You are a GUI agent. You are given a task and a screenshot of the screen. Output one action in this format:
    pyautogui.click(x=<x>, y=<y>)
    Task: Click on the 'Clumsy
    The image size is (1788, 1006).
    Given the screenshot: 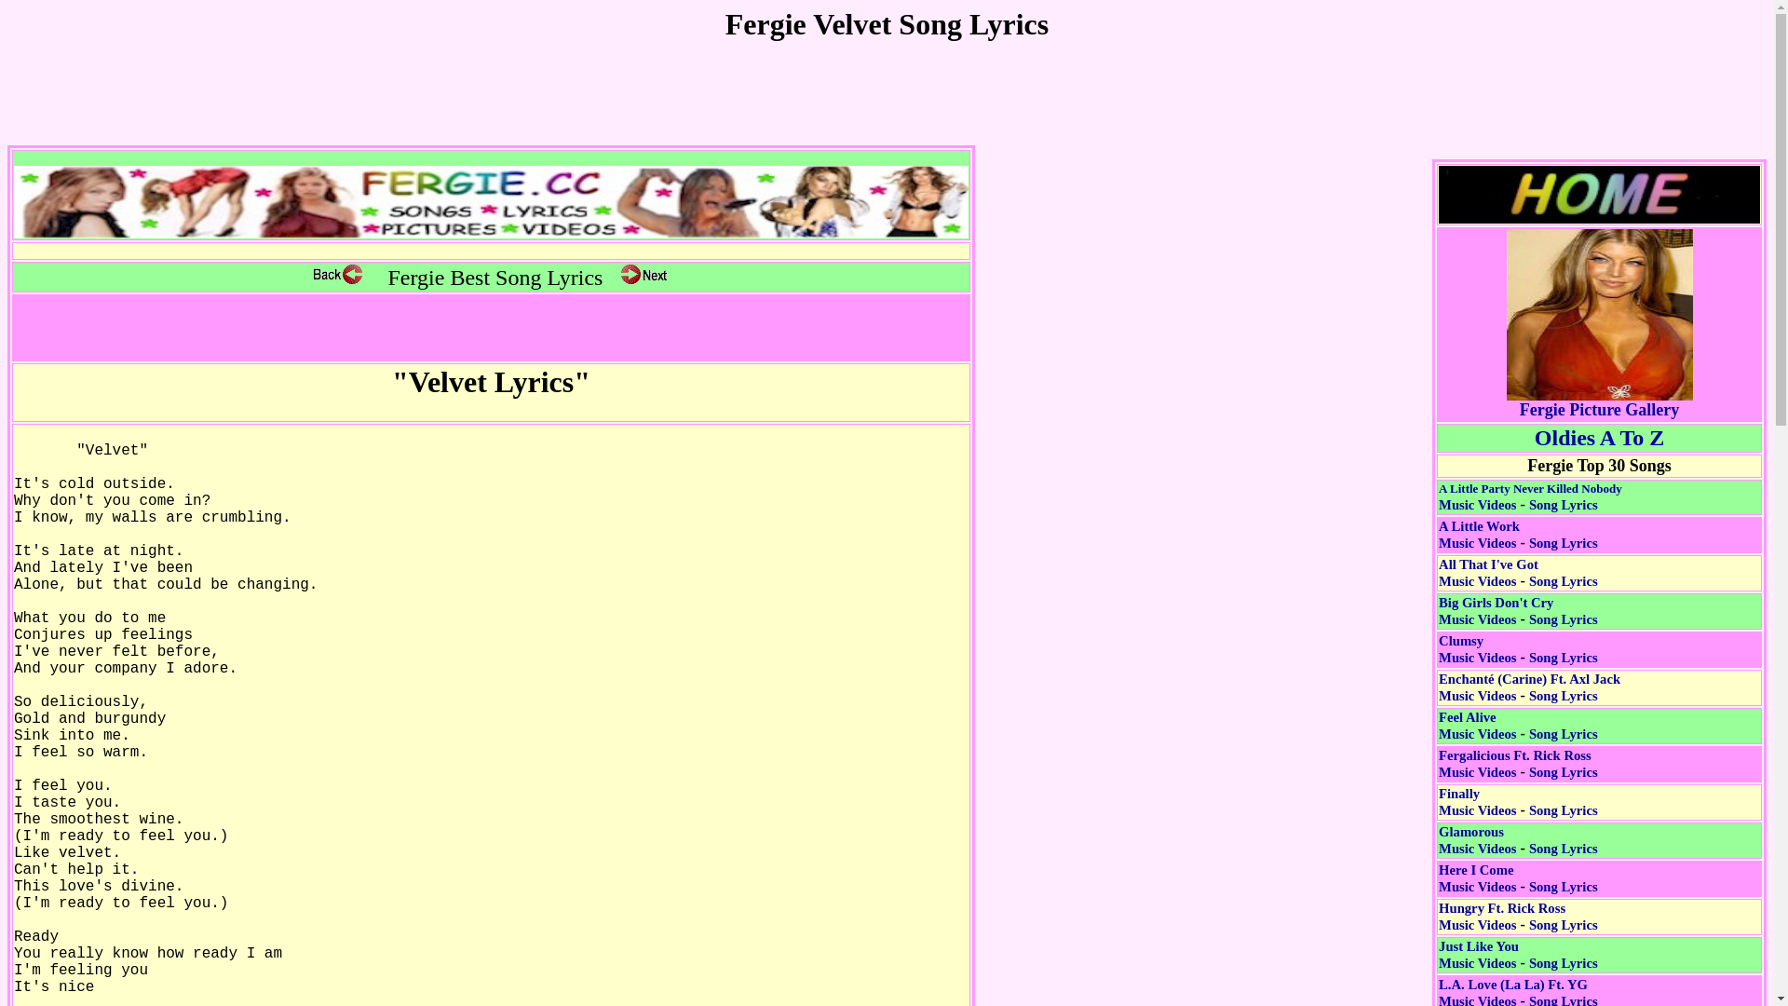 What is the action you would take?
    pyautogui.click(x=1476, y=648)
    